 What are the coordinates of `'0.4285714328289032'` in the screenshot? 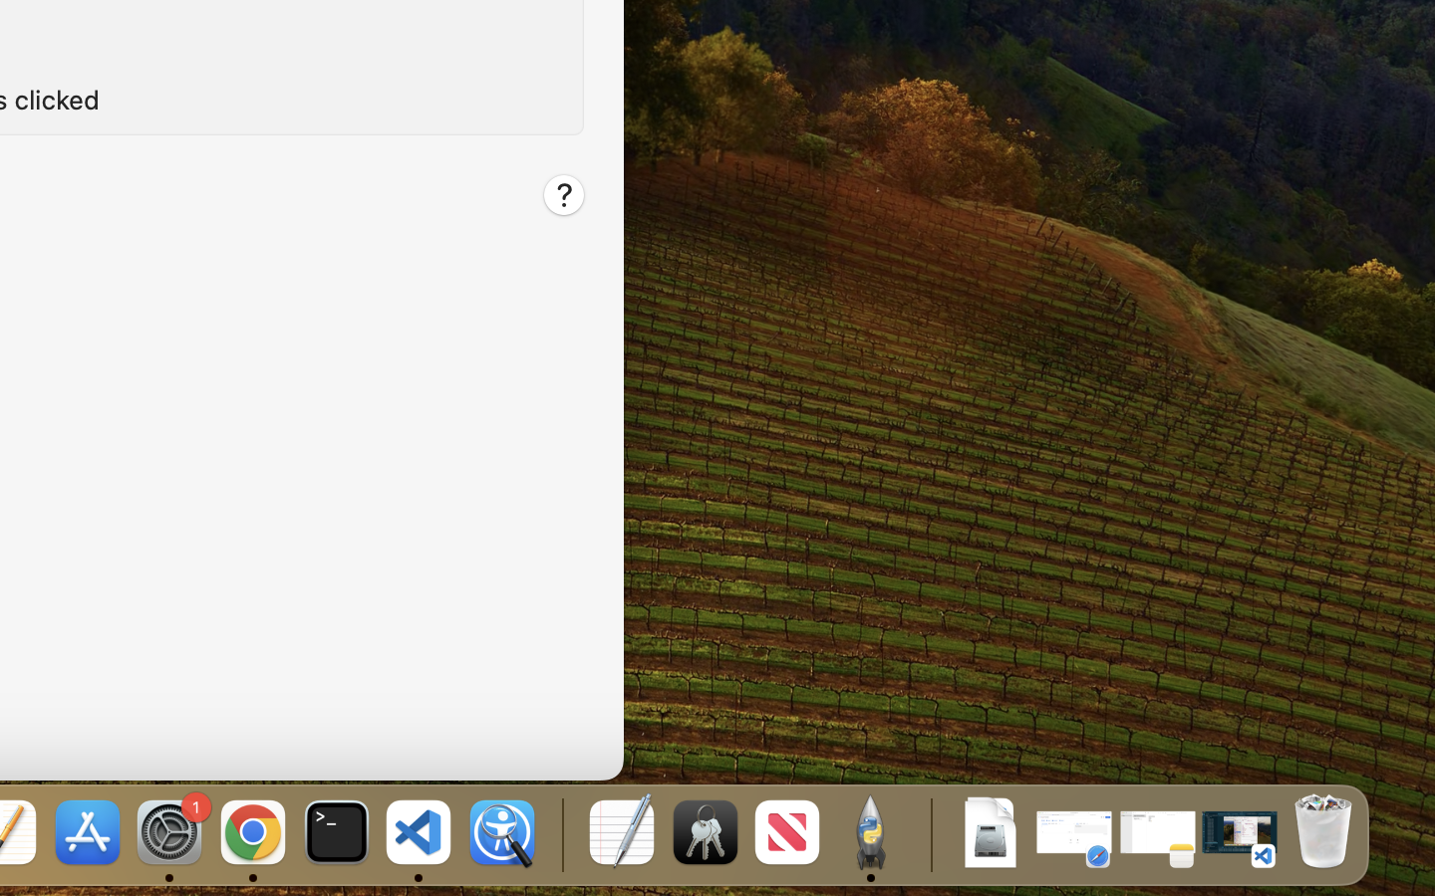 It's located at (560, 833).